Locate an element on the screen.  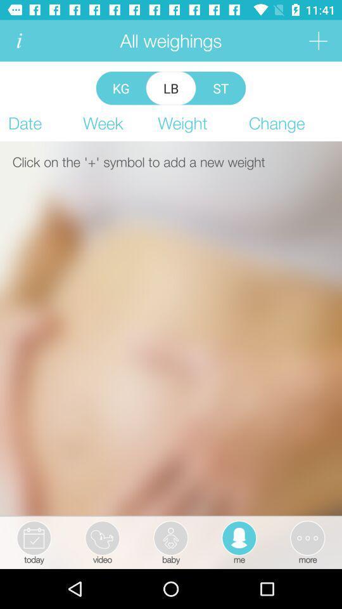
lb item is located at coordinates (171, 88).